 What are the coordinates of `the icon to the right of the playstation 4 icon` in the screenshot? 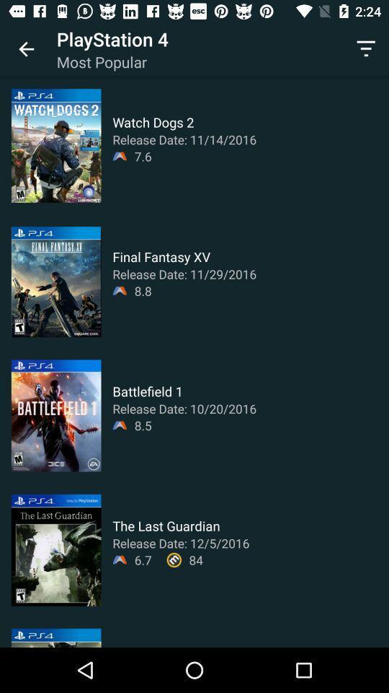 It's located at (366, 49).